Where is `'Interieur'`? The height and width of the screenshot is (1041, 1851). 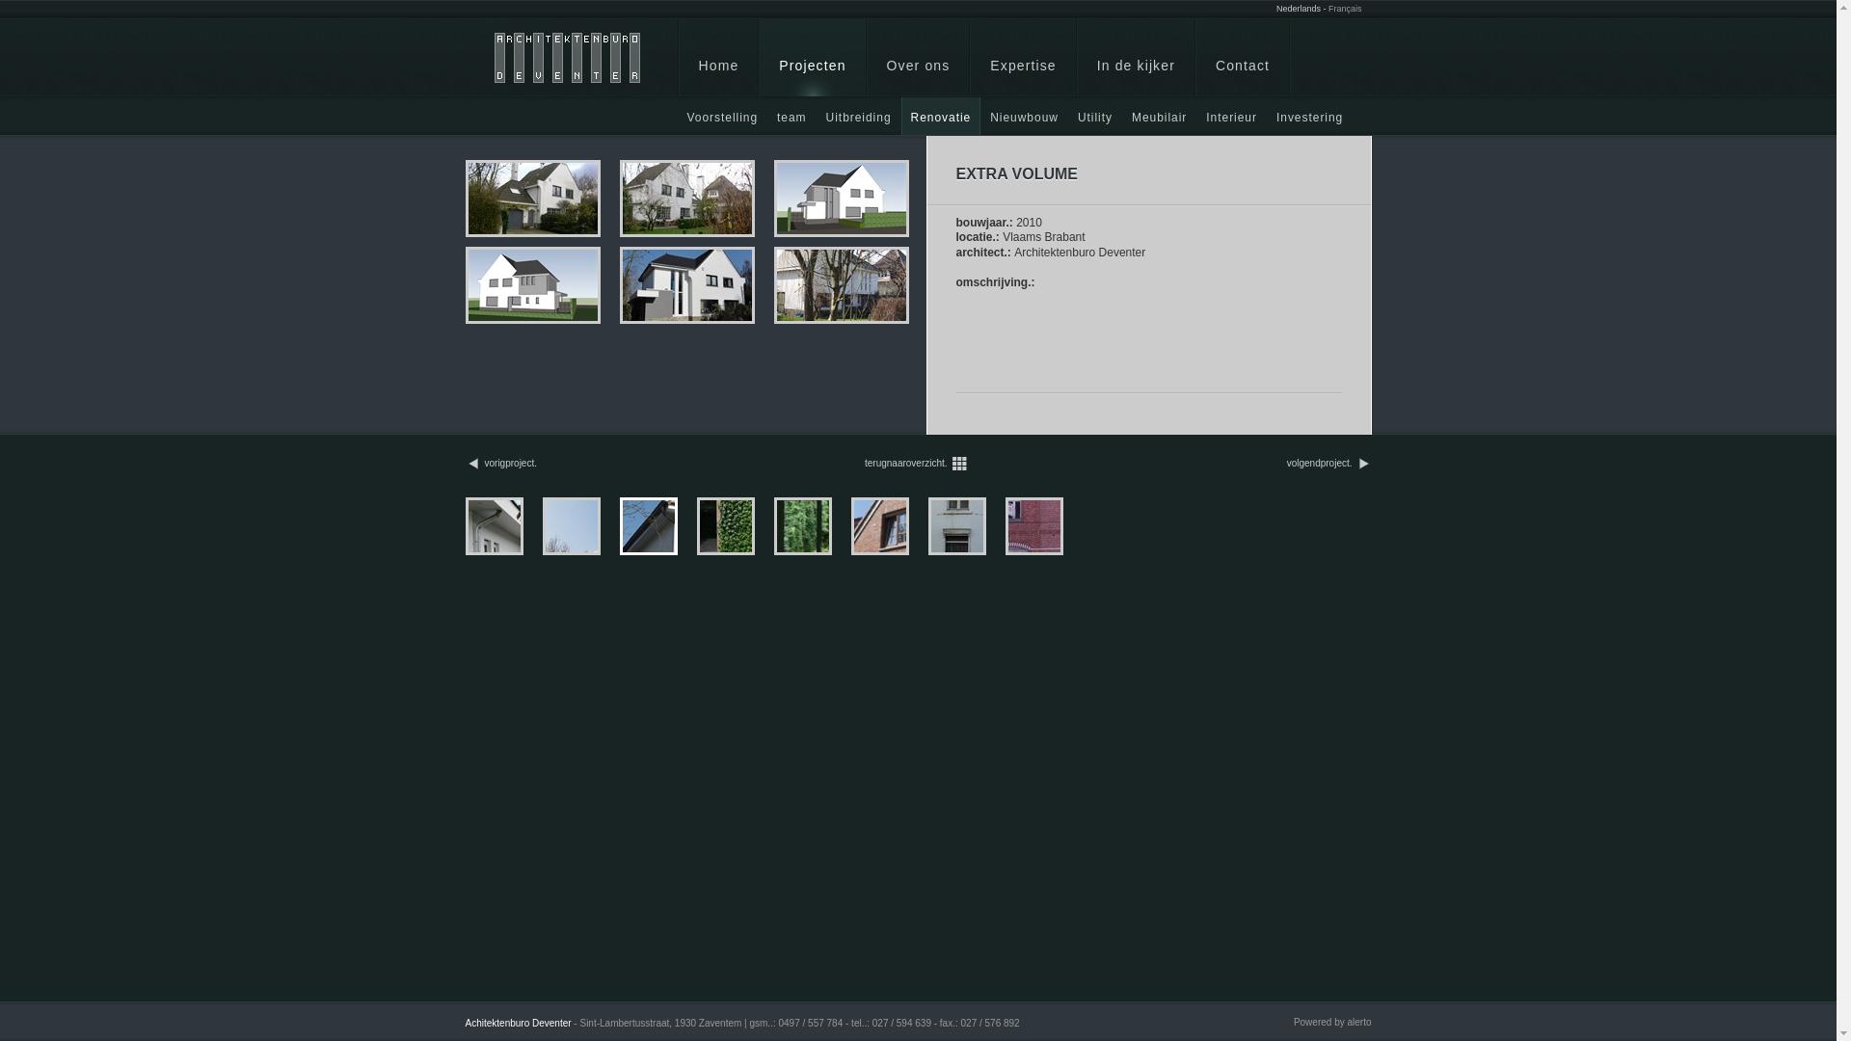
'Interieur' is located at coordinates (1230, 116).